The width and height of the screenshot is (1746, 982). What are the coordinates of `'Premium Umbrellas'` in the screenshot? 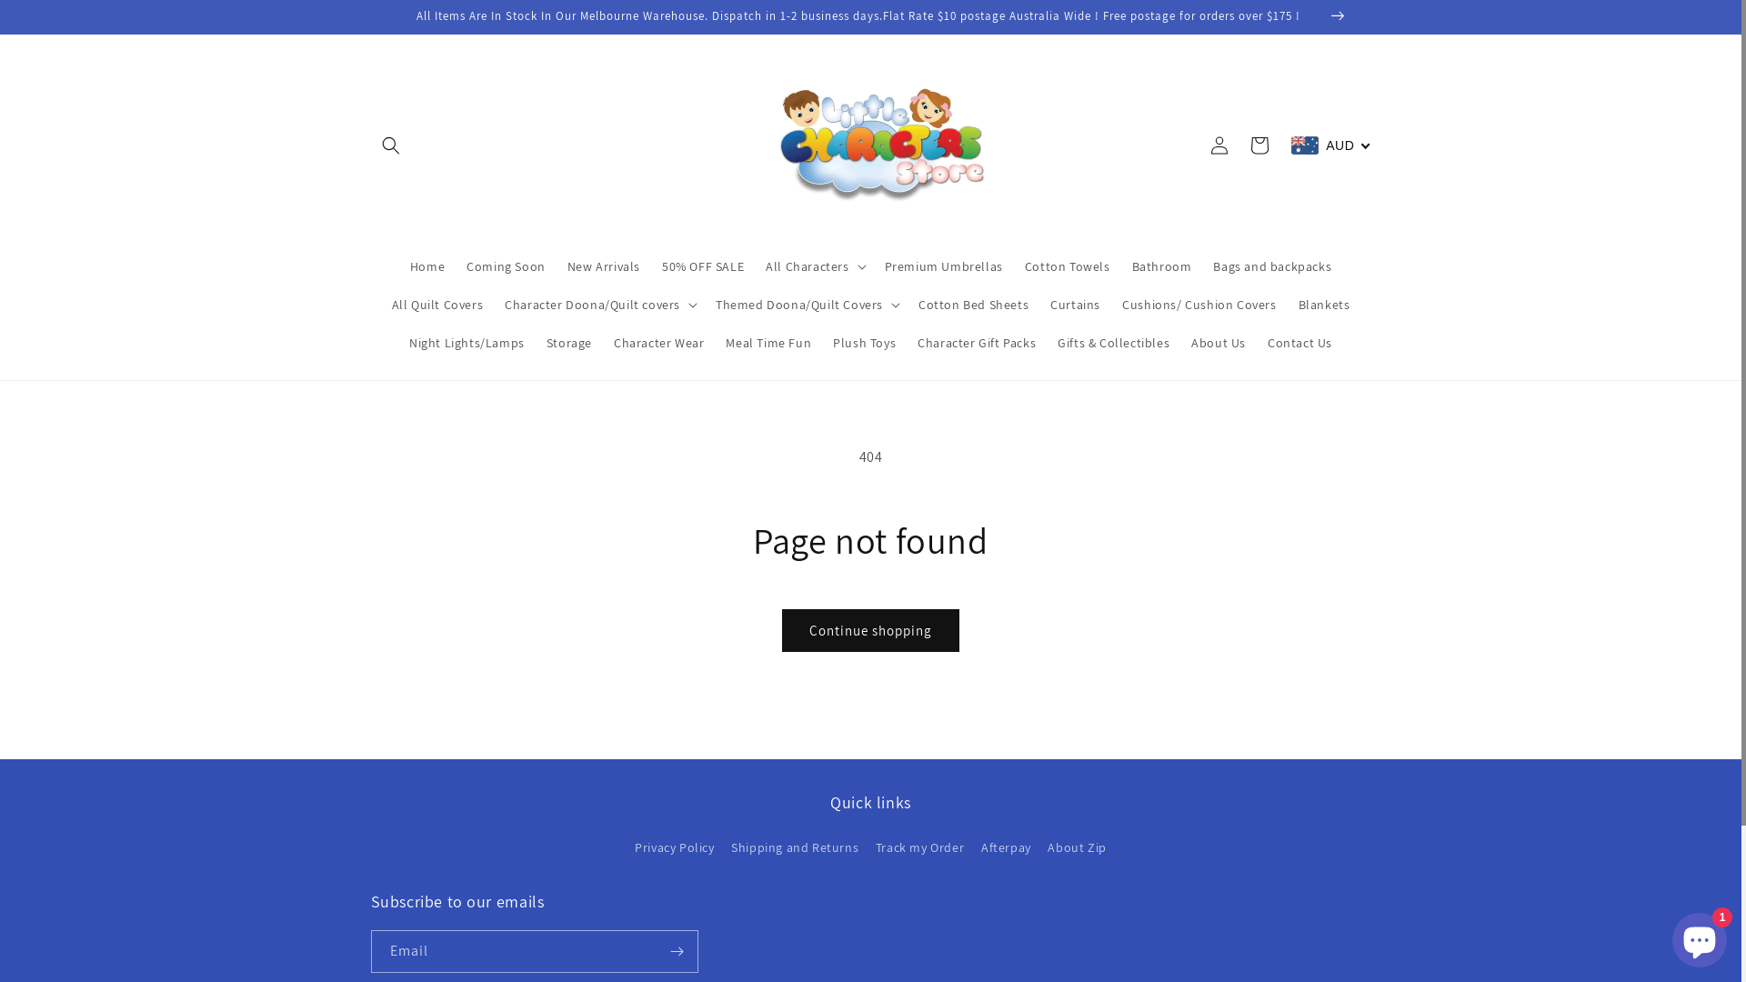 It's located at (943, 266).